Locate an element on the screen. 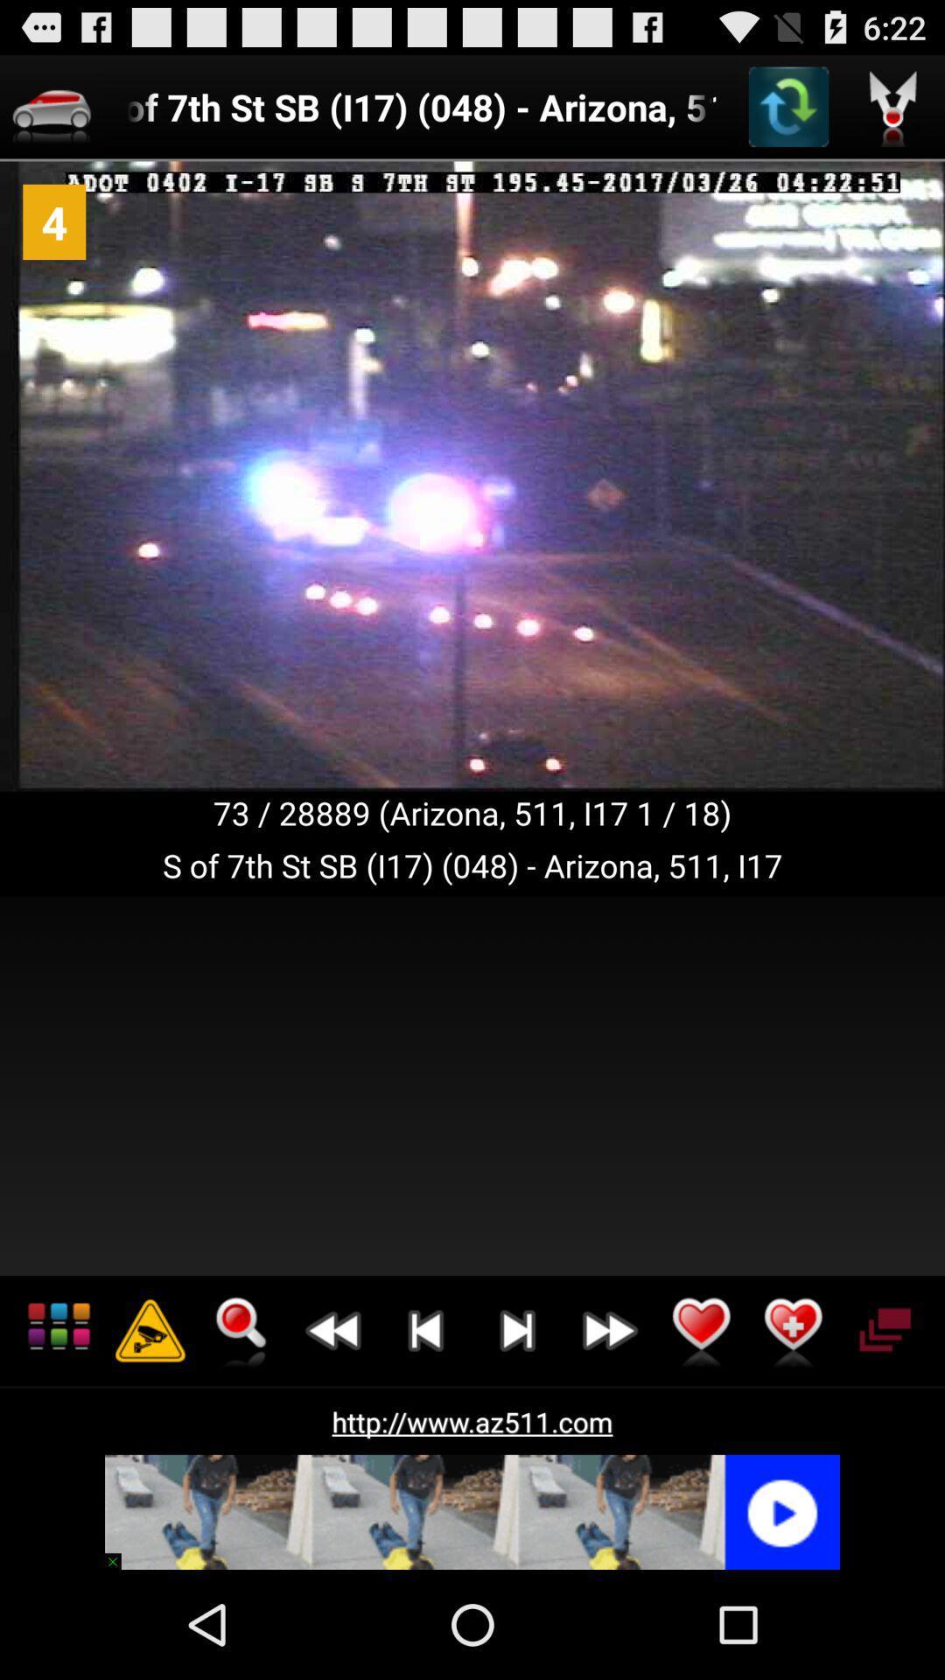  reload video is located at coordinates (788, 106).